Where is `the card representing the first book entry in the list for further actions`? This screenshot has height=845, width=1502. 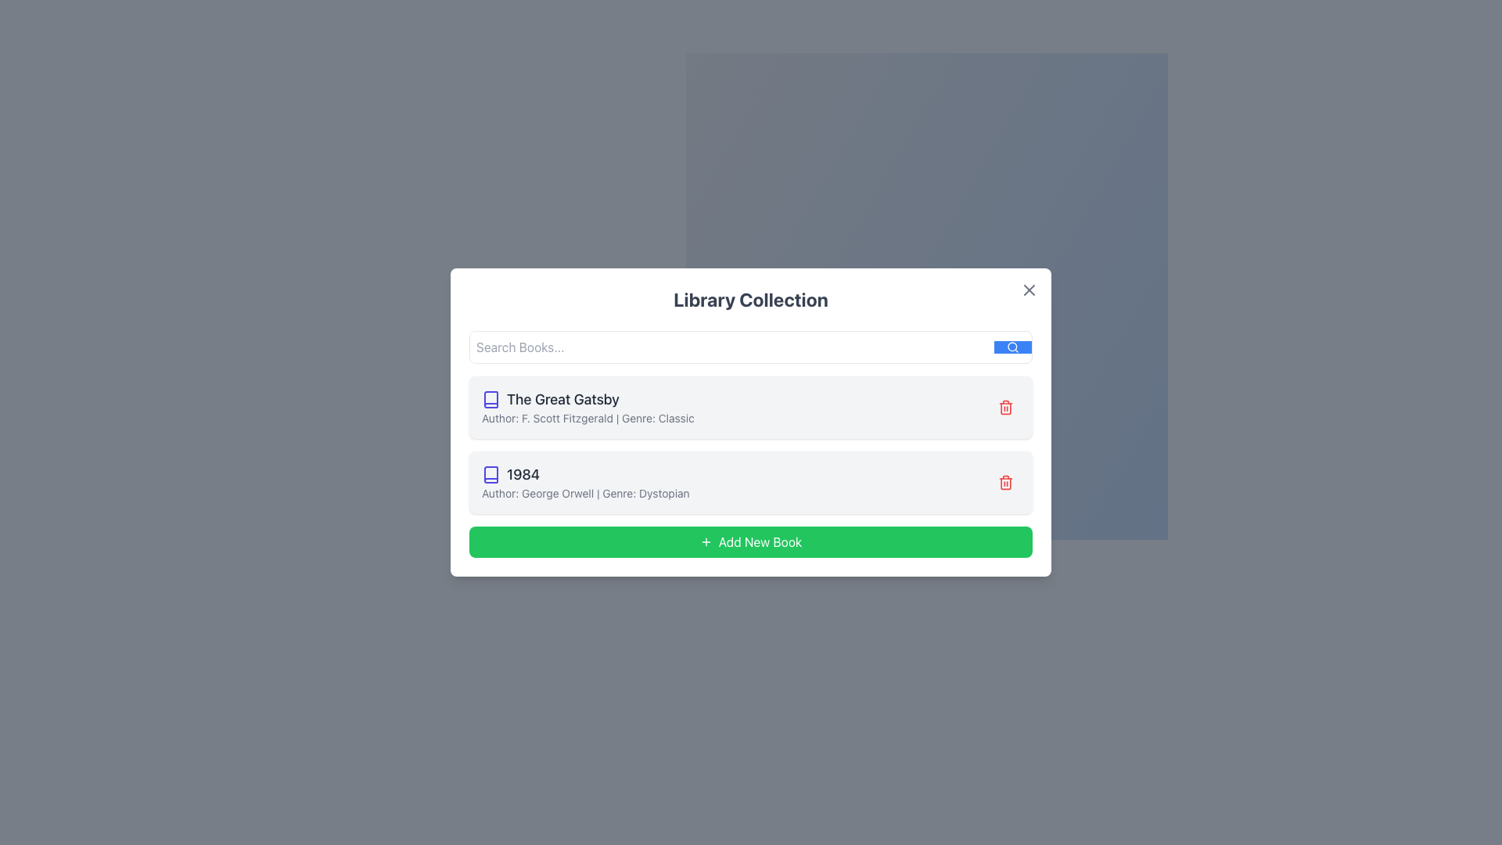 the card representing the first book entry in the list for further actions is located at coordinates (751, 406).